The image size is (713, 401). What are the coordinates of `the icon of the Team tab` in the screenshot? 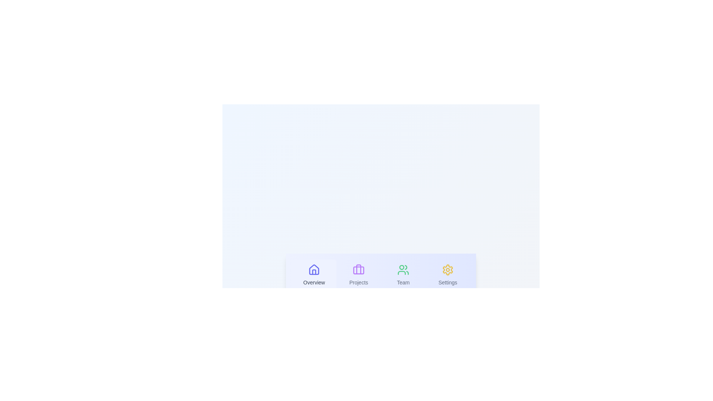 It's located at (403, 270).